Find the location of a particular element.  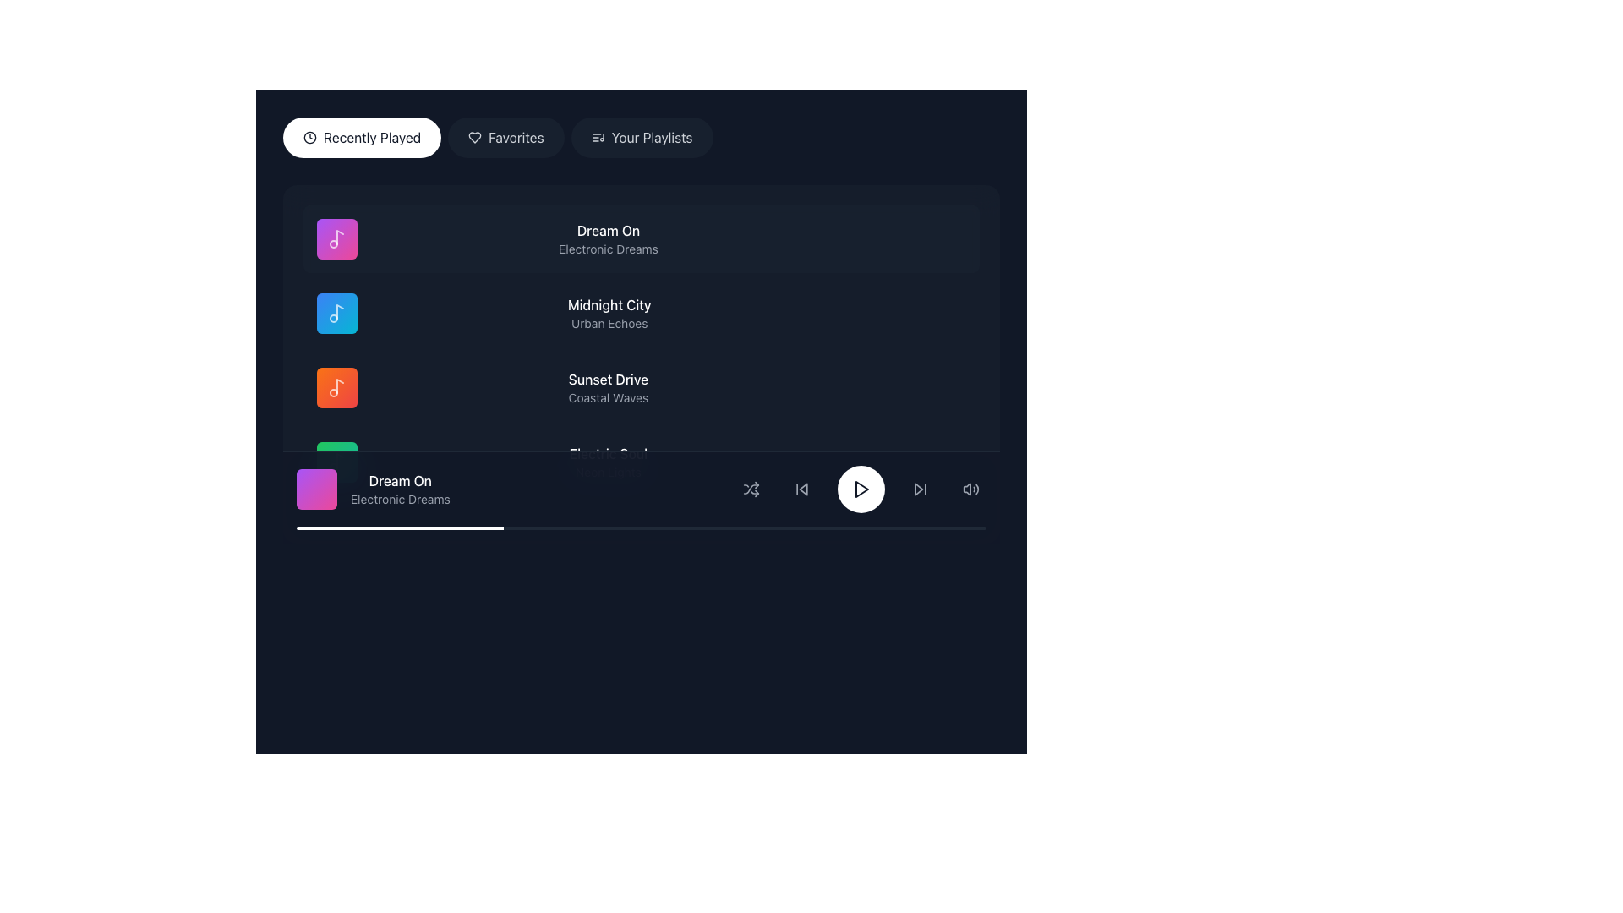

the text label that provides additional descriptive or informational text below the 'Midnight City' title is located at coordinates (609, 323).